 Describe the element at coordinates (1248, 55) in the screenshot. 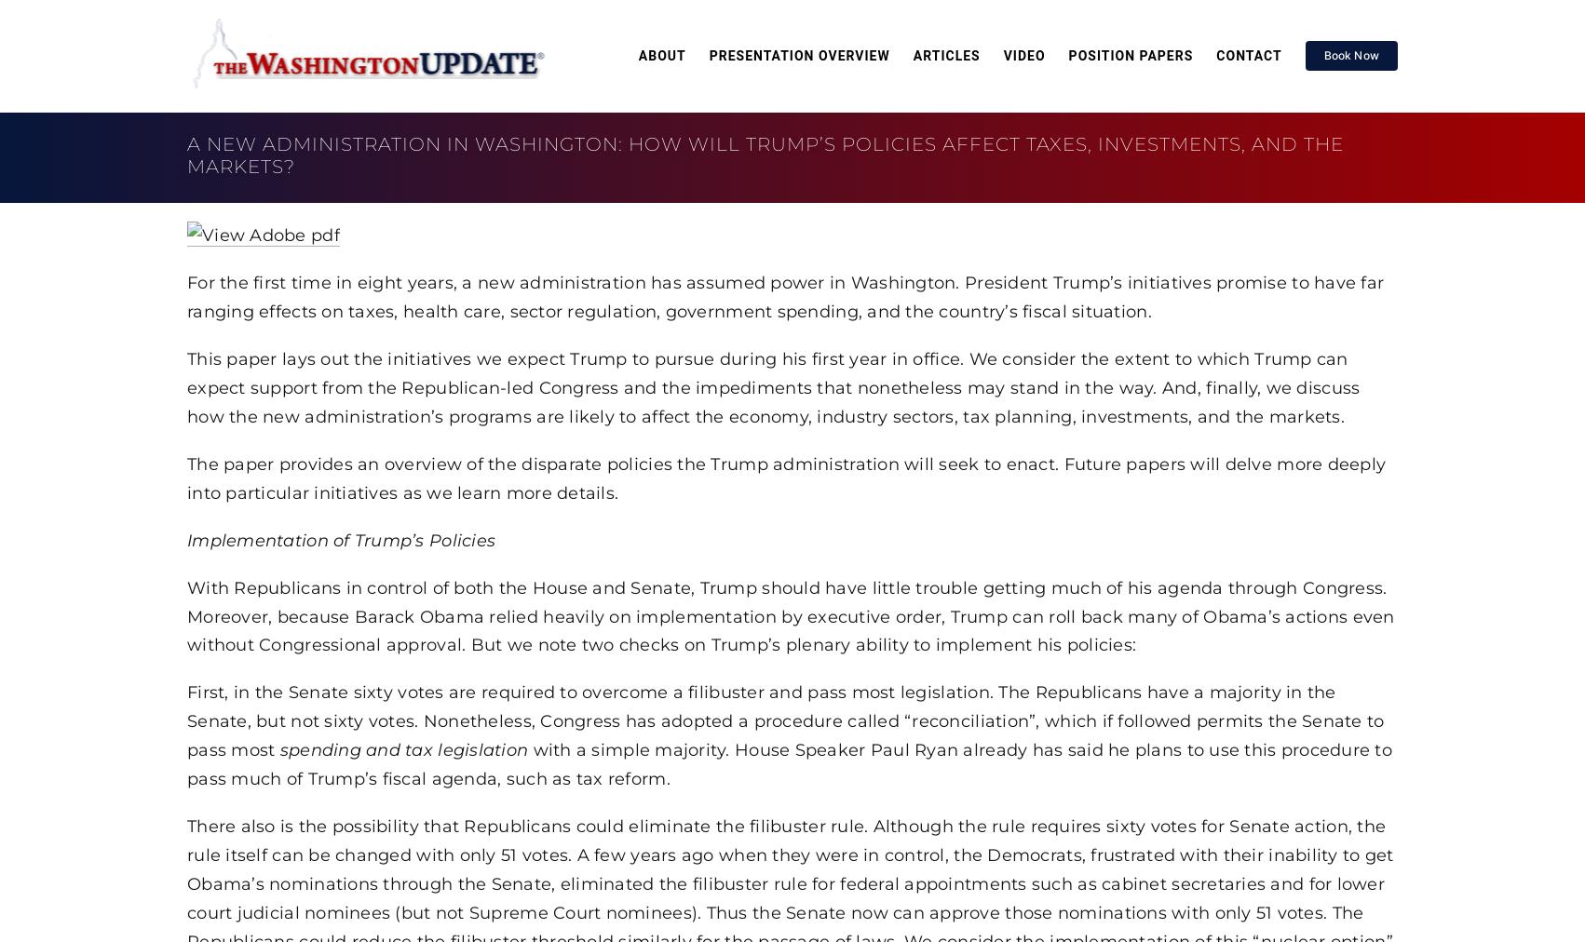

I see `'Contact'` at that location.